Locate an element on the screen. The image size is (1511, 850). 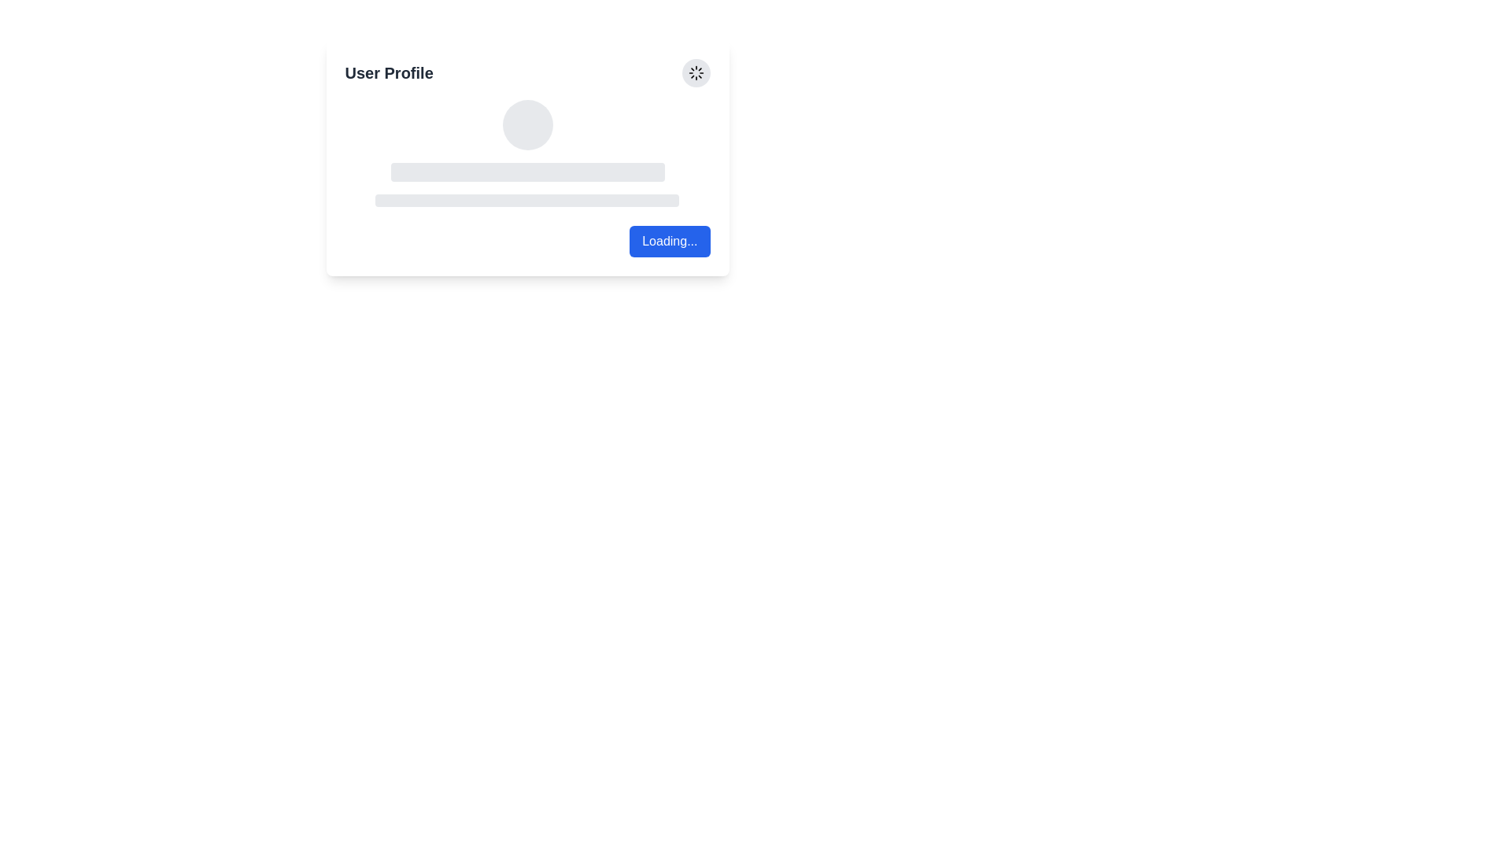
the circular loader icon, which features thin, radiating lines and is located within a circular button at the top-right corner of the card layout is located at coordinates (695, 72).